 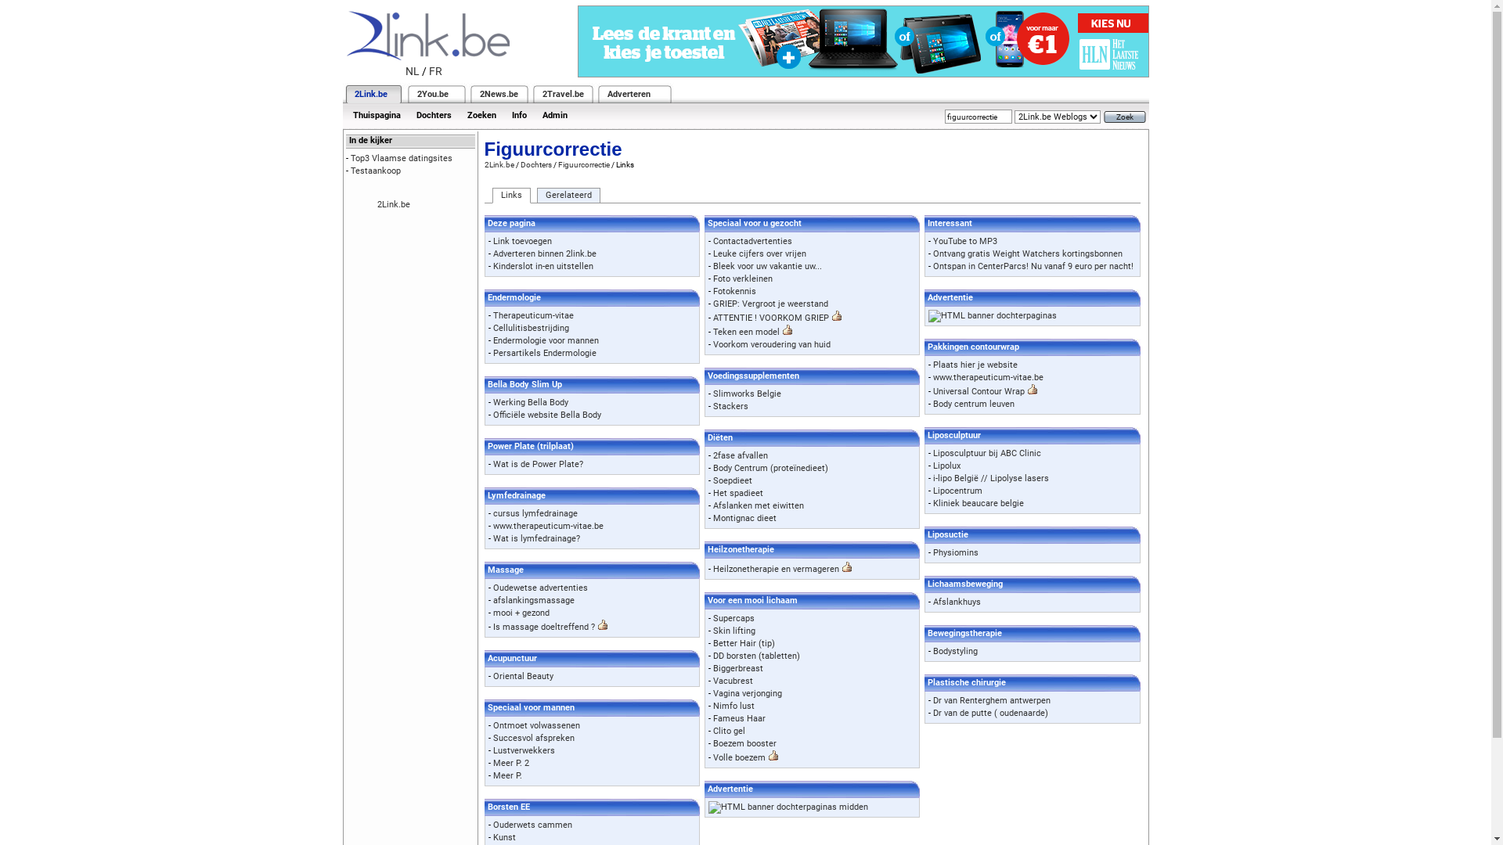 I want to click on 'Oriental Beauty', so click(x=523, y=675).